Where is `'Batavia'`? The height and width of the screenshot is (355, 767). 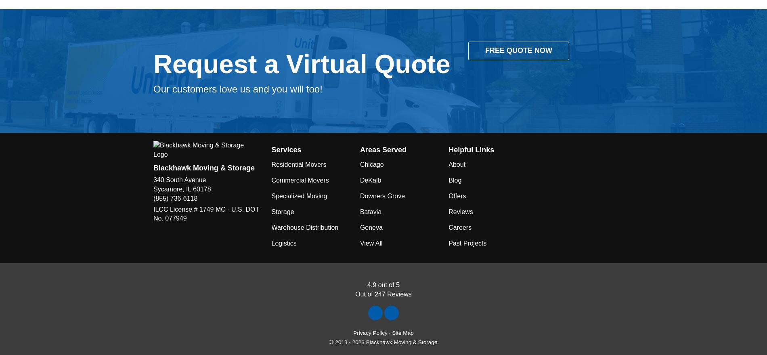 'Batavia' is located at coordinates (370, 211).